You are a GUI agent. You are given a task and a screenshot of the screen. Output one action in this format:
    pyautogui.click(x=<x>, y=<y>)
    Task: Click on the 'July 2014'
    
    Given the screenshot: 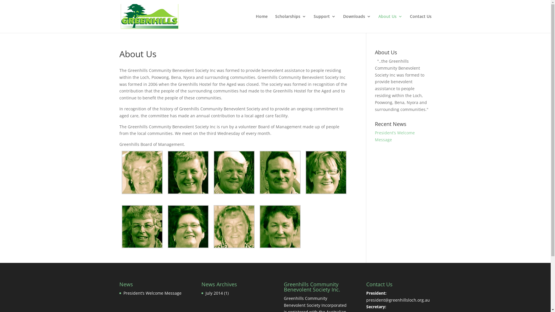 What is the action you would take?
    pyautogui.click(x=205, y=293)
    